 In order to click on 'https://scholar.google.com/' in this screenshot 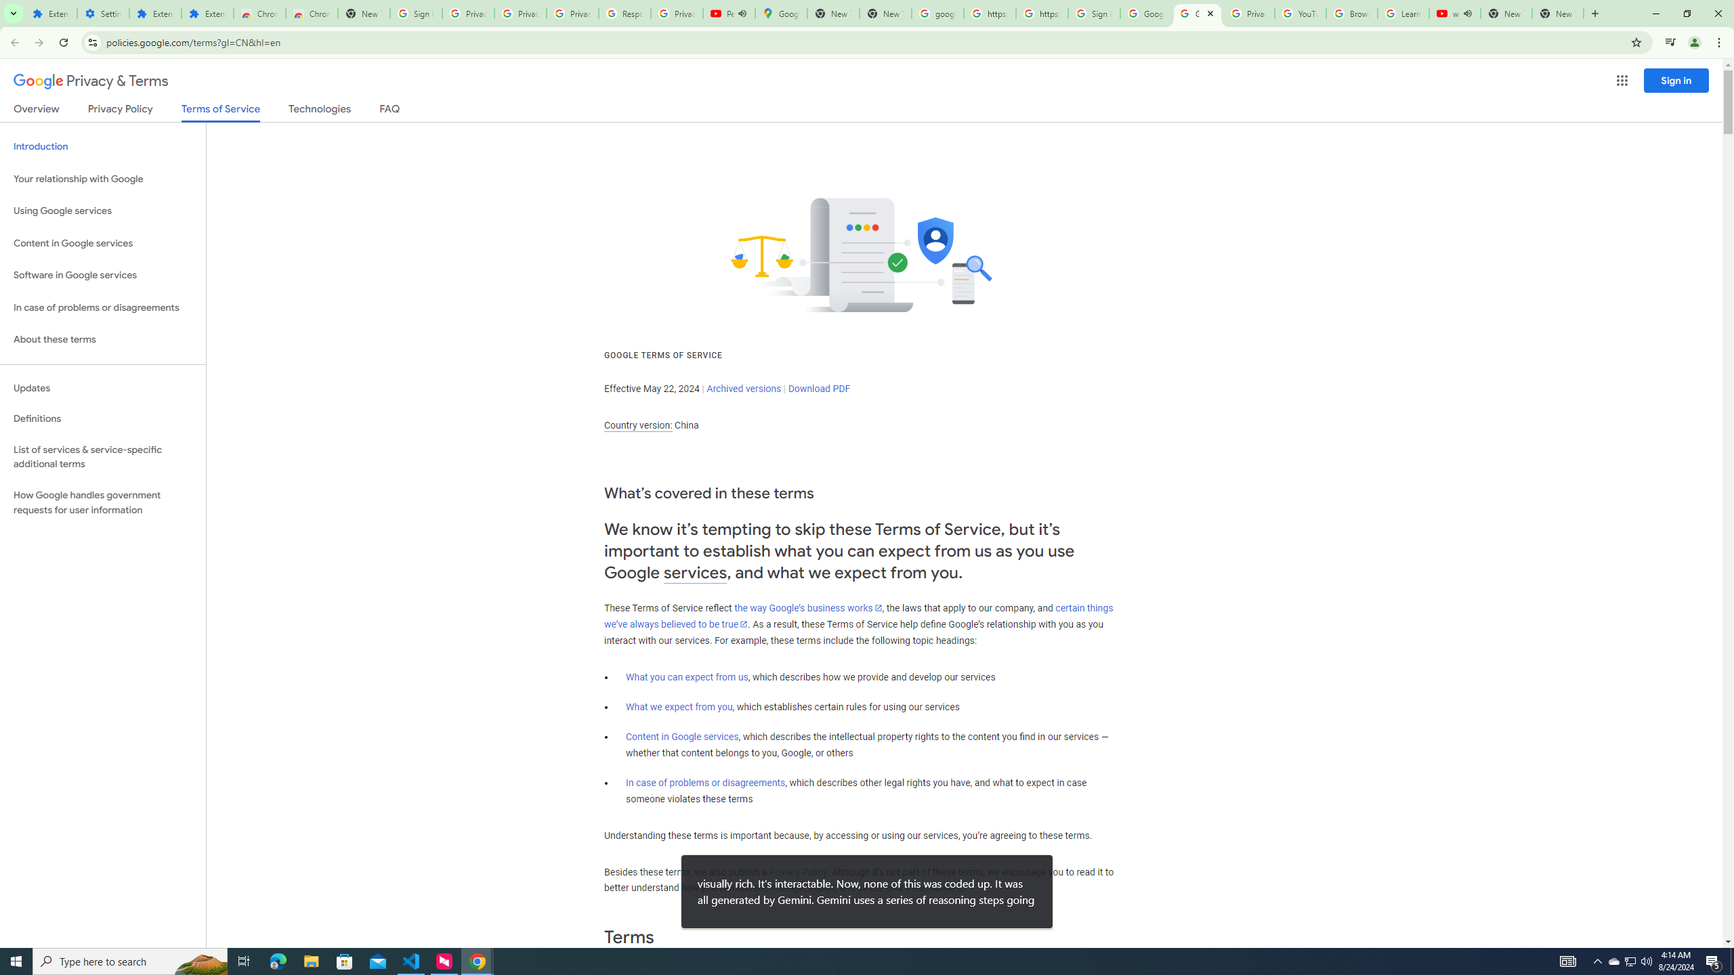, I will do `click(1041, 13)`.